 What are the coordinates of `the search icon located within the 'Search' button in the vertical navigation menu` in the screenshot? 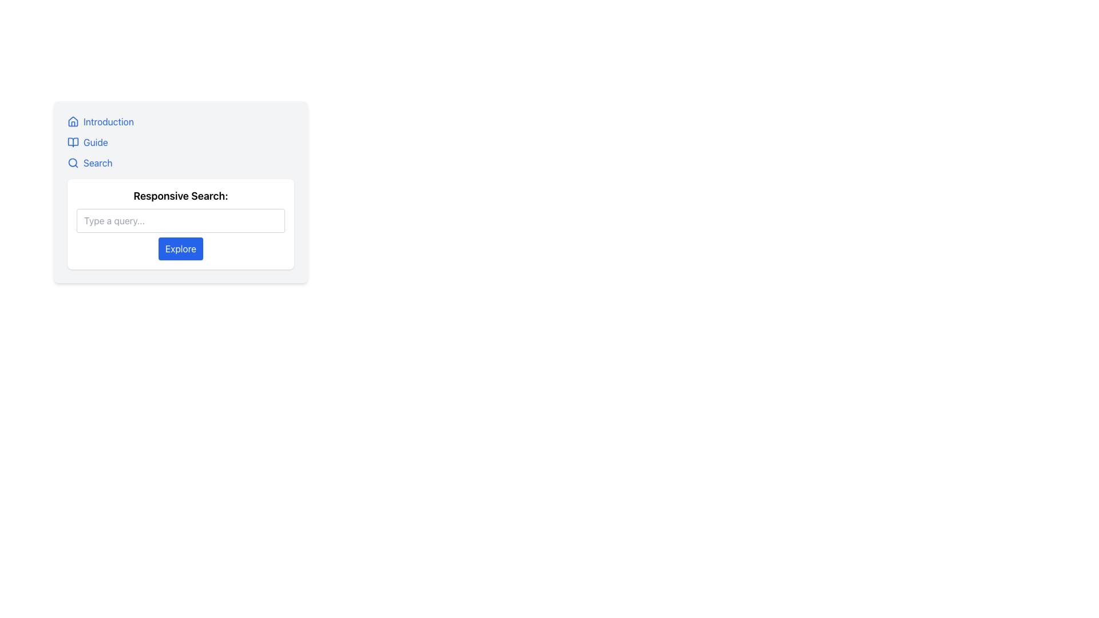 It's located at (73, 163).